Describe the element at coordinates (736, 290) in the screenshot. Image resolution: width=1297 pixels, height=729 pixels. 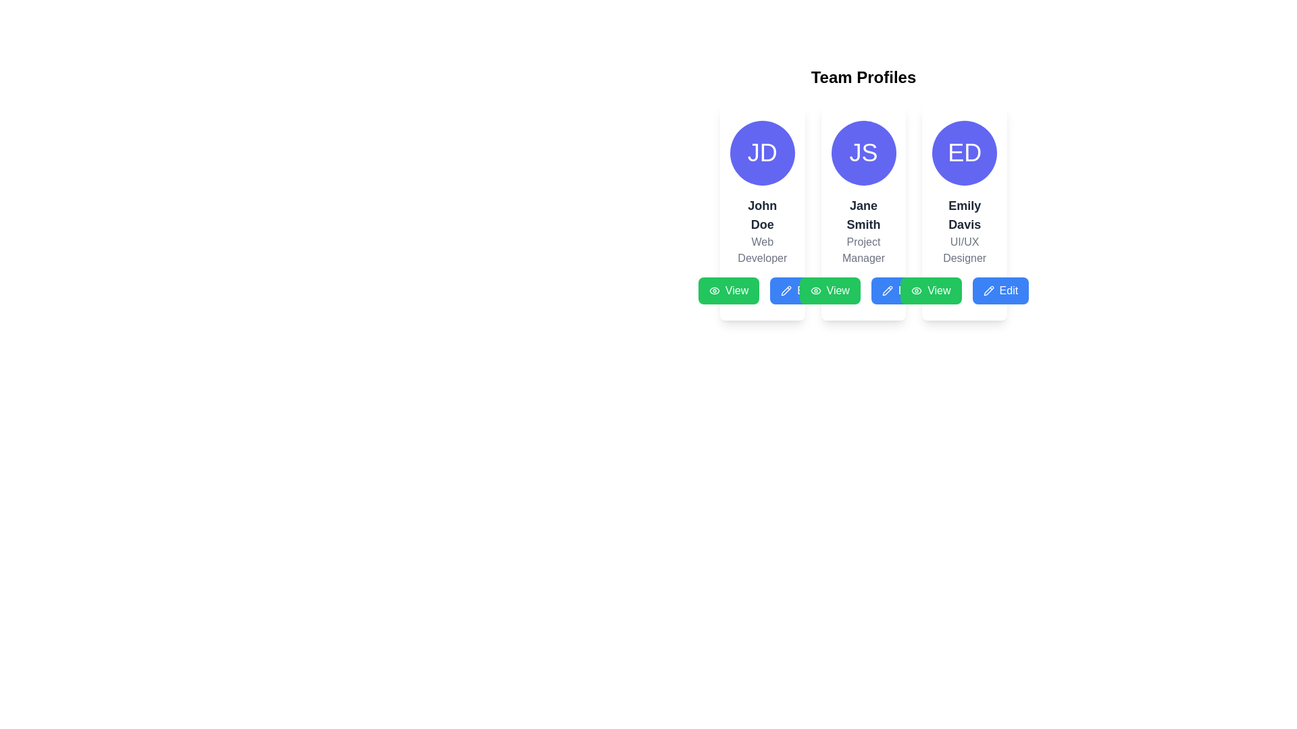
I see `the 'View' button located in the bottom section of the first profile card` at that location.